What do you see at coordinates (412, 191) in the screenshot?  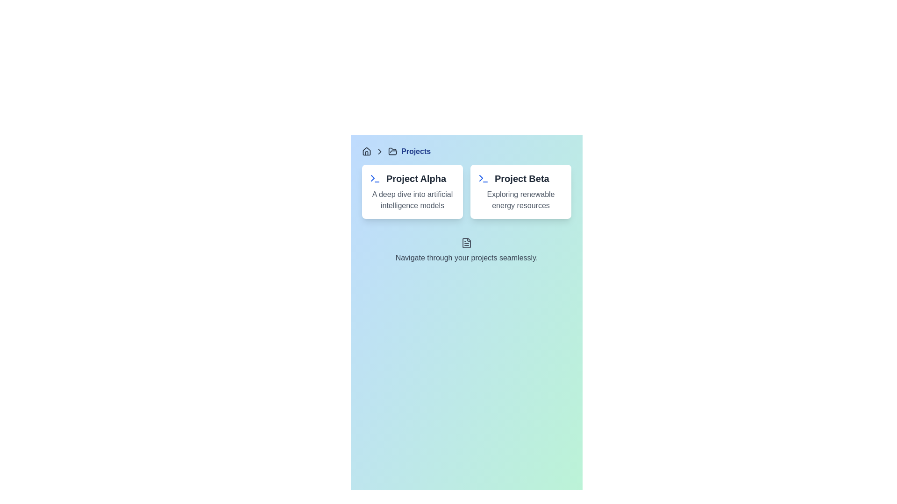 I see `the project overview card for 'Project Alpha' located at the top-left of the grid under the 'Projects' section` at bounding box center [412, 191].